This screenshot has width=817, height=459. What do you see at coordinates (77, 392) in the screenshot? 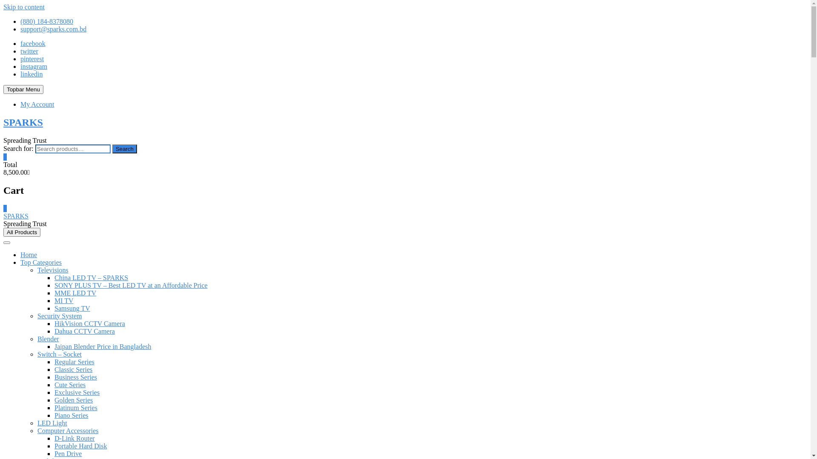
I see `'Exclusive Series'` at bounding box center [77, 392].